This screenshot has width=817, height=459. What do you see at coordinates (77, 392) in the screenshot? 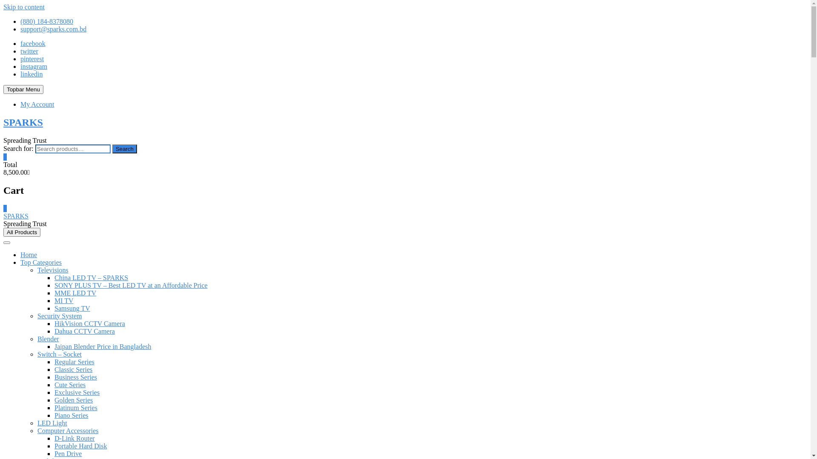
I see `'Exclusive Series'` at bounding box center [77, 392].